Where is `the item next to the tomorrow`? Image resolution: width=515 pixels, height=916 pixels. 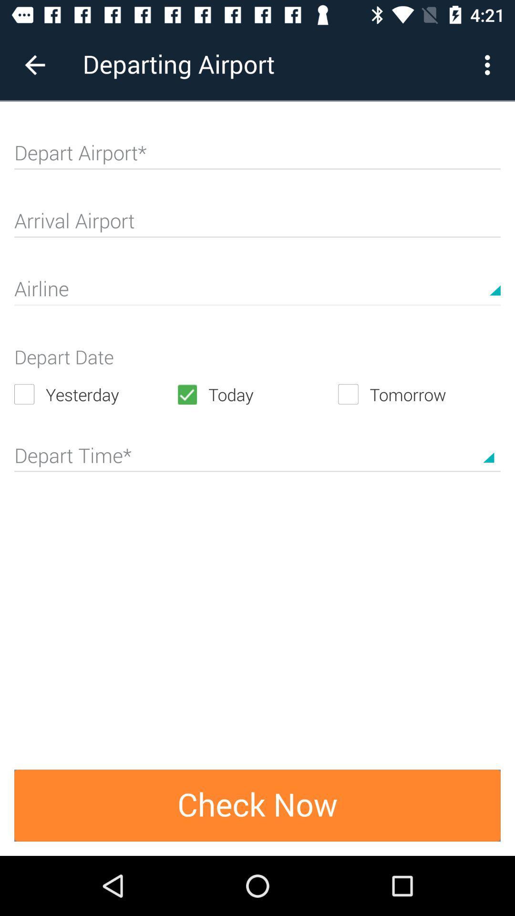 the item next to the tomorrow is located at coordinates (257, 394).